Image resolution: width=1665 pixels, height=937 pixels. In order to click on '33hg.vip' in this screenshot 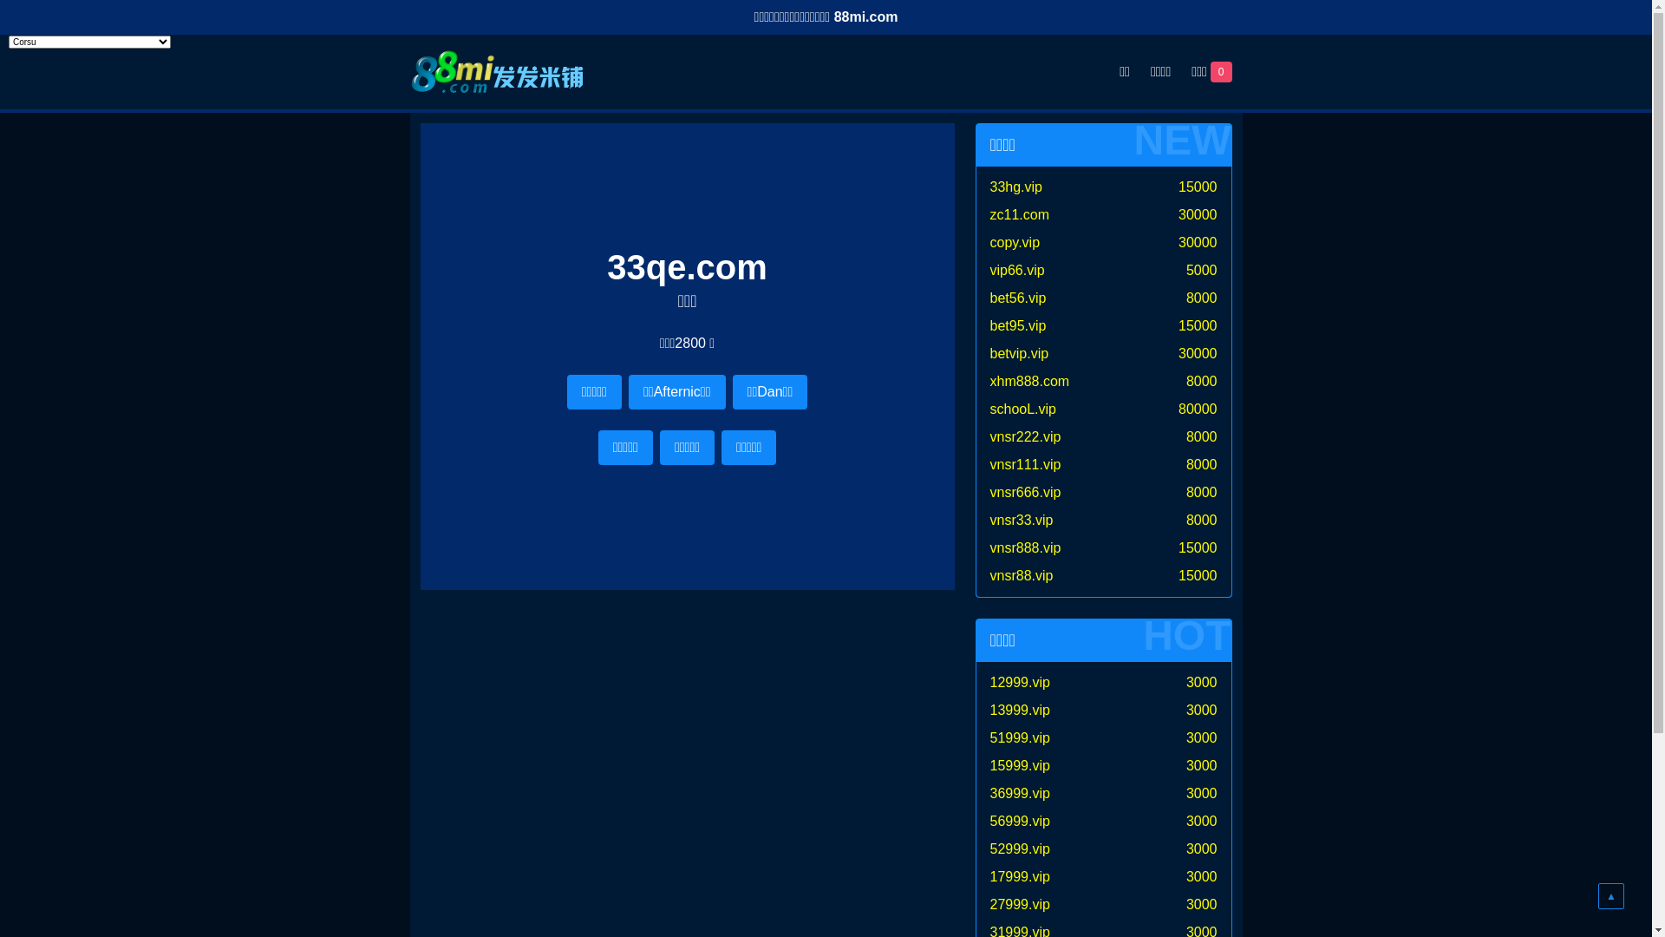, I will do `click(1016, 187)`.